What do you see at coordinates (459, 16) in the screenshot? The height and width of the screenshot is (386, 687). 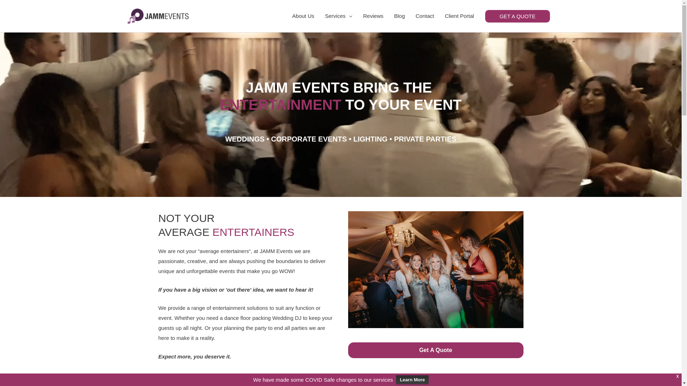 I see `'Client Portal'` at bounding box center [459, 16].